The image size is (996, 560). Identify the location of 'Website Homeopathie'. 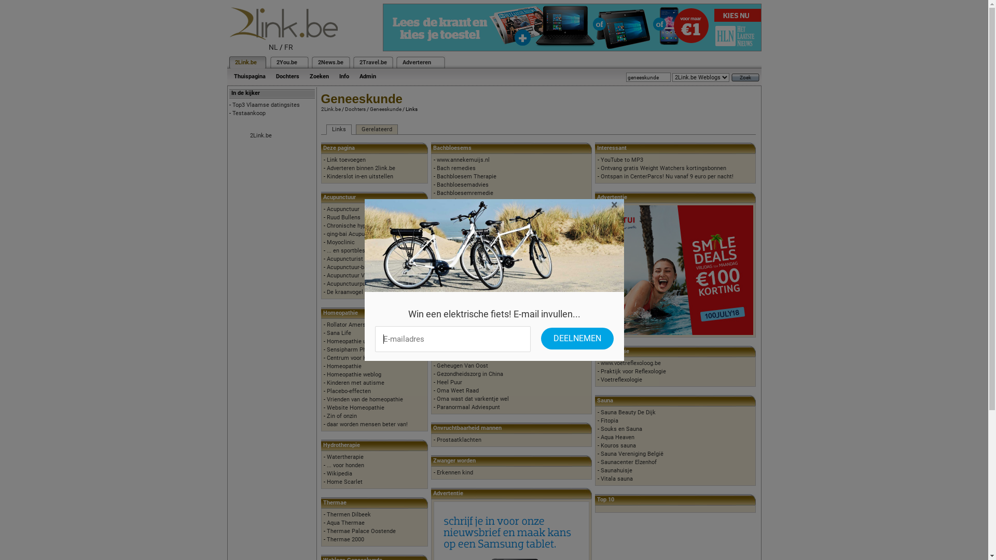
(326, 407).